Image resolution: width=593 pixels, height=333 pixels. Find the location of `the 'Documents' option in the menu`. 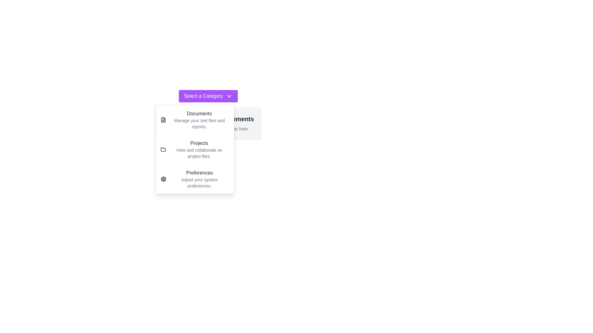

the 'Documents' option in the menu is located at coordinates (194, 120).